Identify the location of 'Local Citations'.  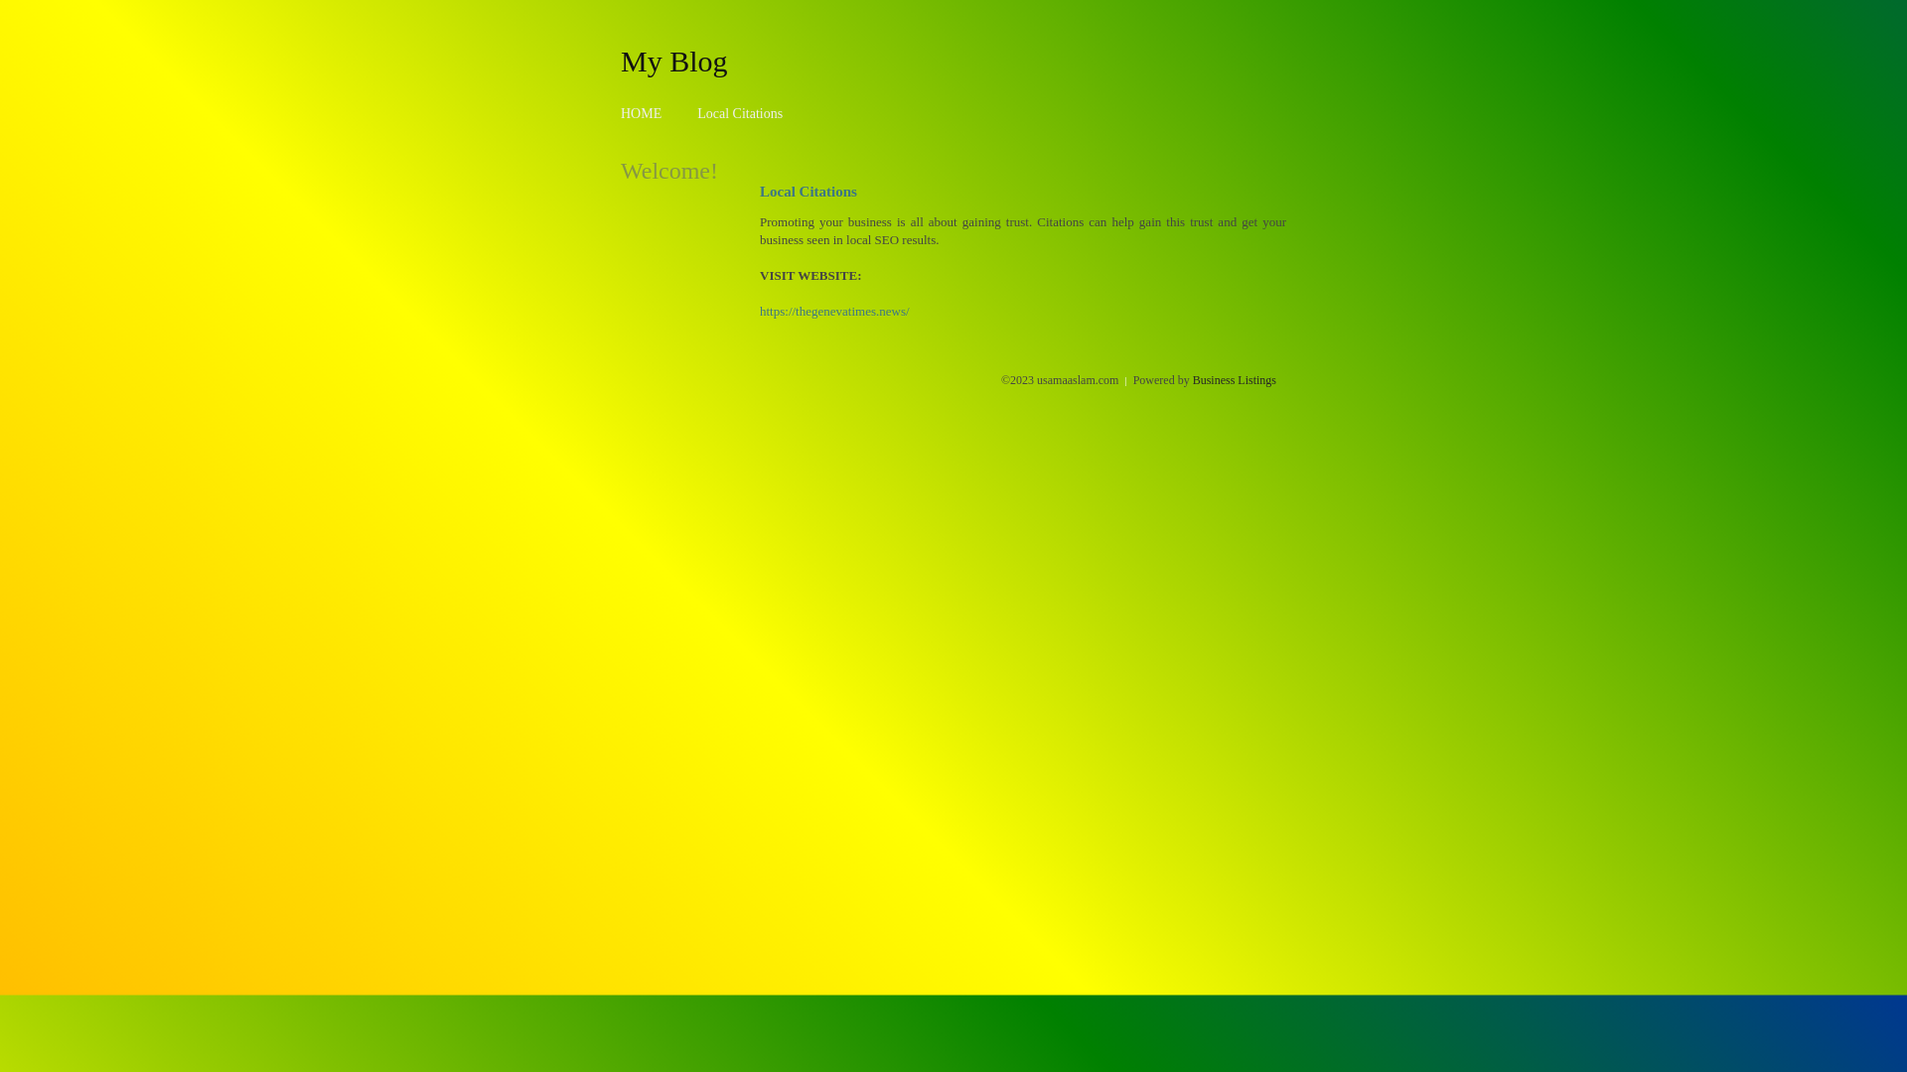
(738, 113).